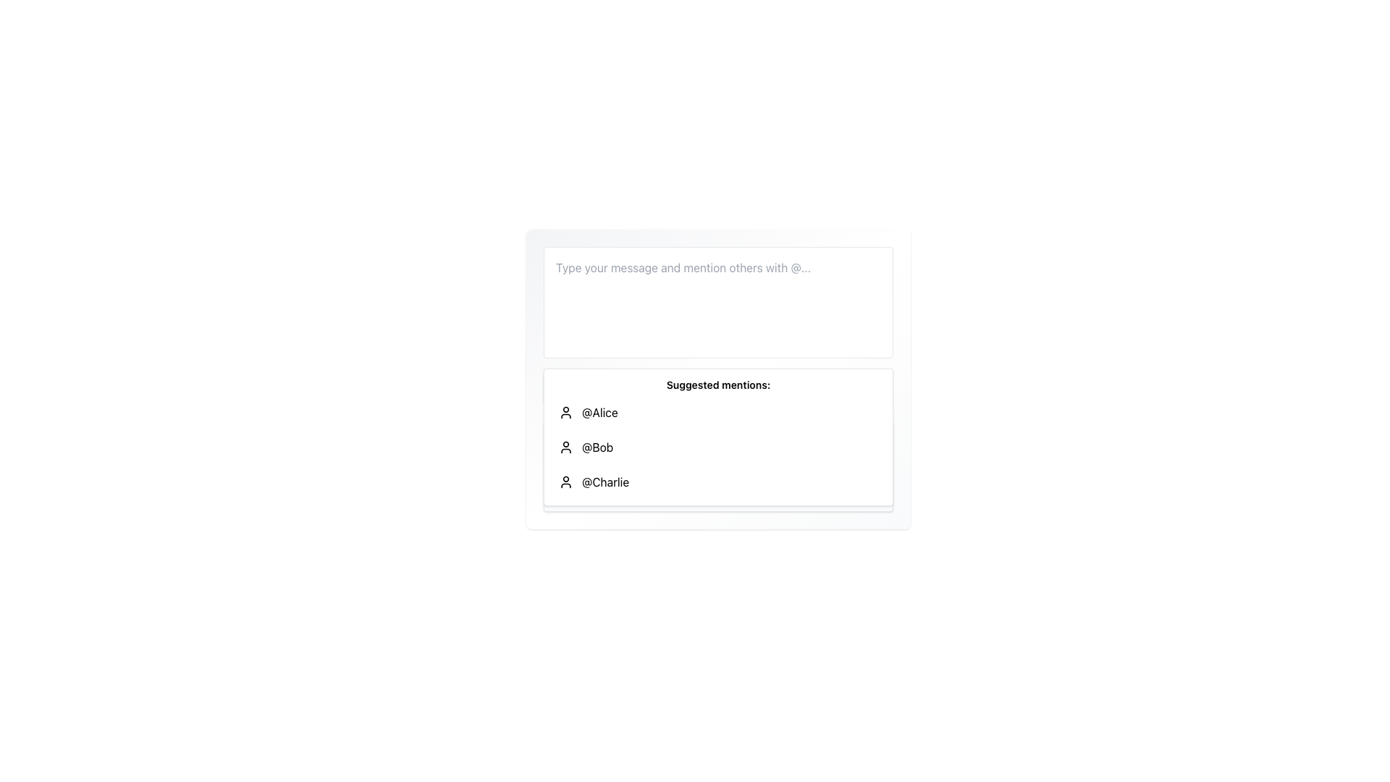  What do you see at coordinates (565, 413) in the screenshot?
I see `the user profile icon located to the left of the username '@Alice', which is styled with smooth lines and a monochrome color scheme` at bounding box center [565, 413].